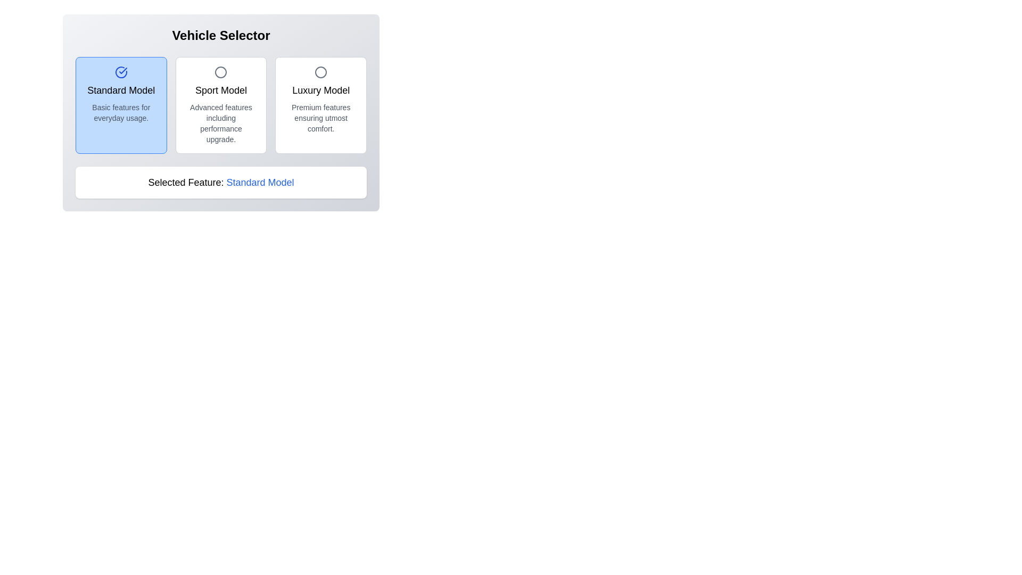  I want to click on the 'Vehicle Selector' text label, which is a large, bold-styled heading positioned at the top of the UI card, above the grid of choice cards, so click(220, 35).